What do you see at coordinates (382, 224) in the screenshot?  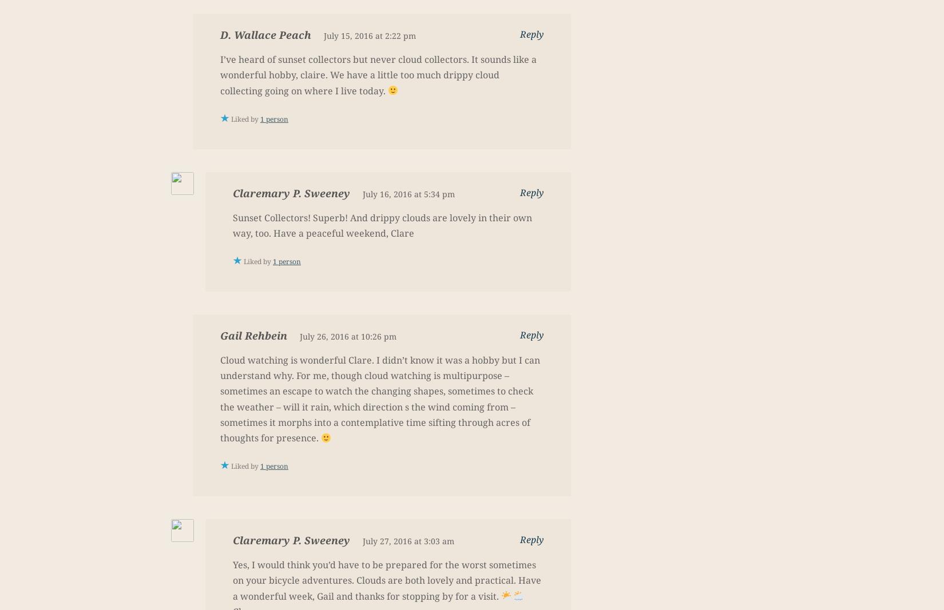 I see `'Sunset Collectors! Superb! And drippy clouds are lovely in their own way, too. Have a peaceful weekend, Clare'` at bounding box center [382, 224].